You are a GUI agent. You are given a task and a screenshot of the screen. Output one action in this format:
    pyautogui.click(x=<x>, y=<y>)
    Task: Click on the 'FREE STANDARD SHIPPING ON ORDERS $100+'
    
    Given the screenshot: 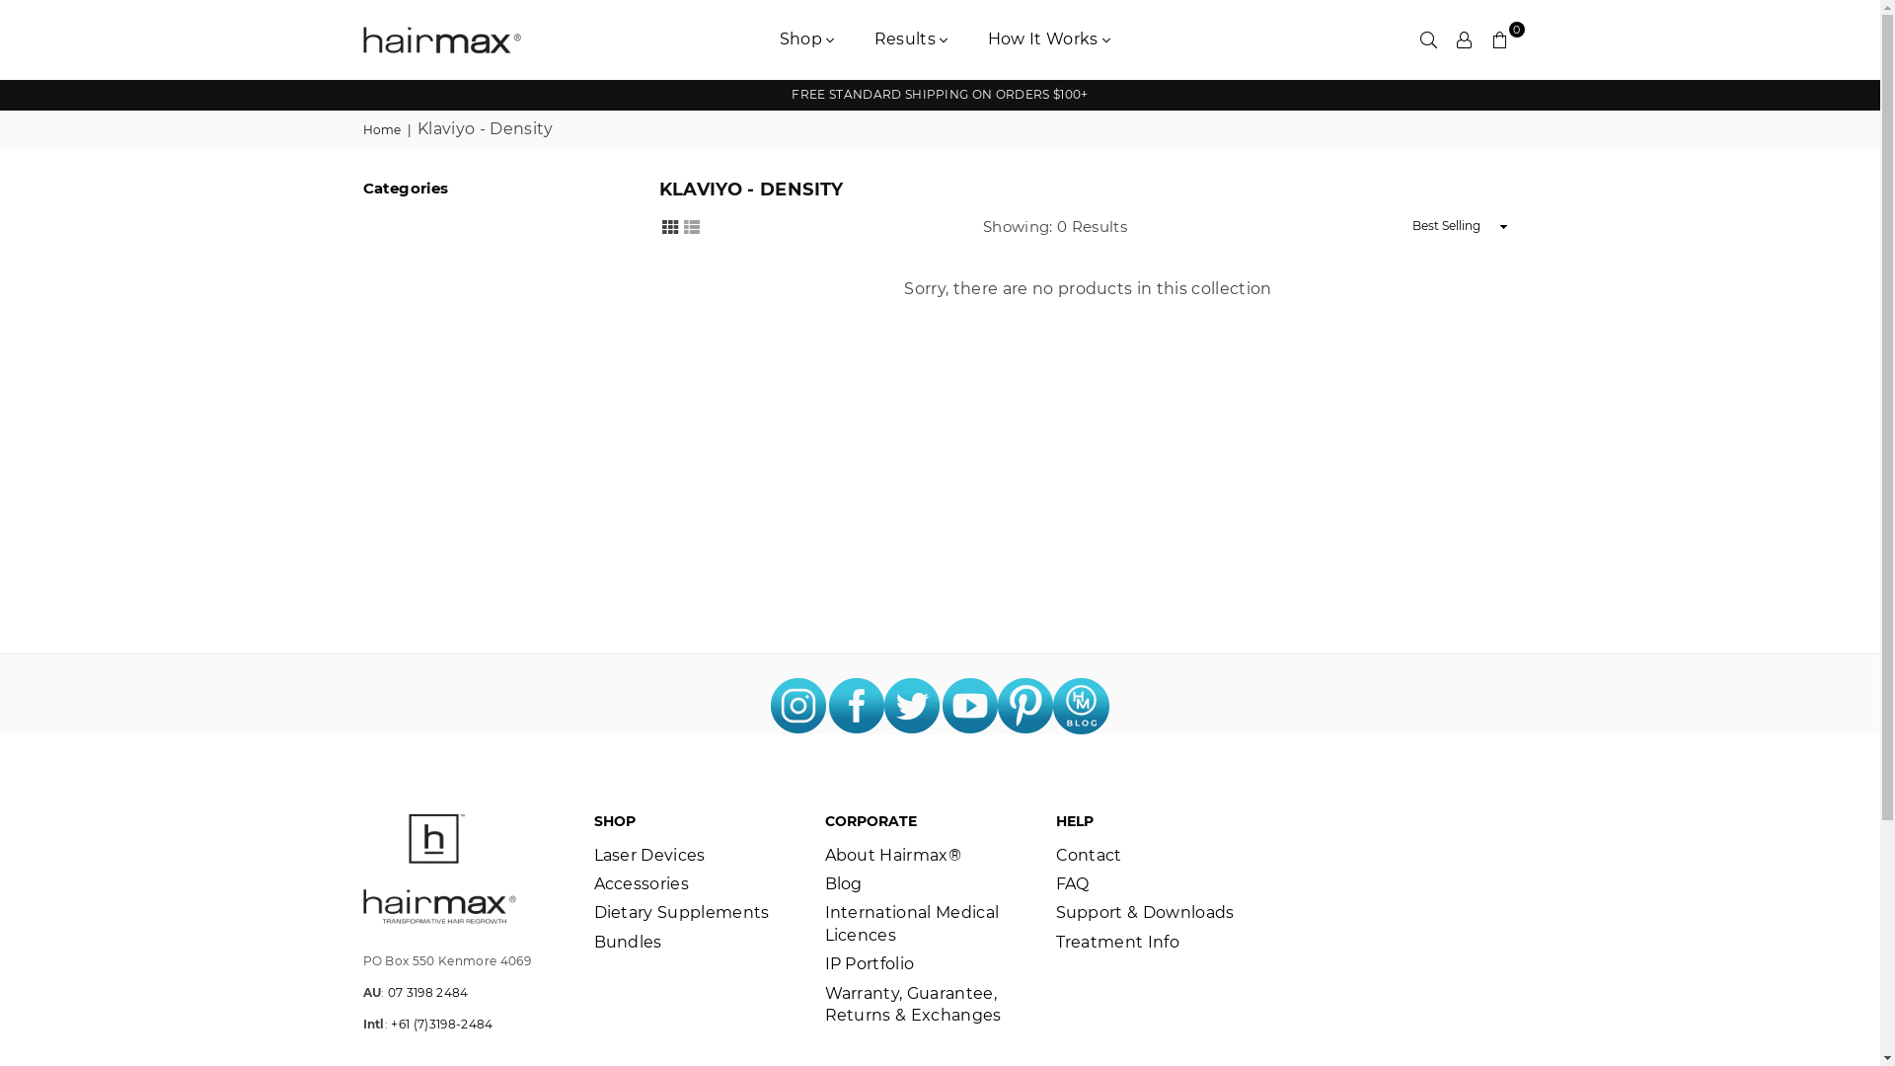 What is the action you would take?
    pyautogui.click(x=938, y=94)
    